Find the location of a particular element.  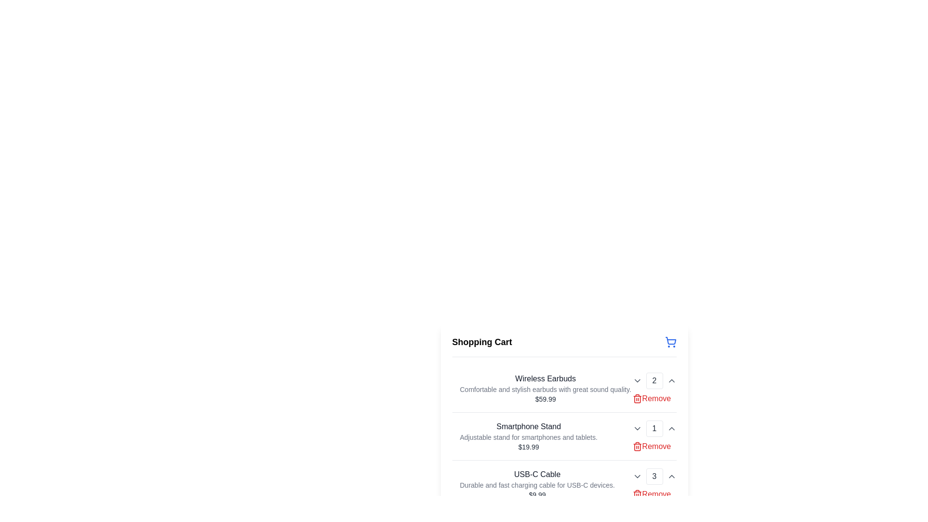

the trash can icon button, which is red and located beside the 'Remove' label is located at coordinates (637, 399).